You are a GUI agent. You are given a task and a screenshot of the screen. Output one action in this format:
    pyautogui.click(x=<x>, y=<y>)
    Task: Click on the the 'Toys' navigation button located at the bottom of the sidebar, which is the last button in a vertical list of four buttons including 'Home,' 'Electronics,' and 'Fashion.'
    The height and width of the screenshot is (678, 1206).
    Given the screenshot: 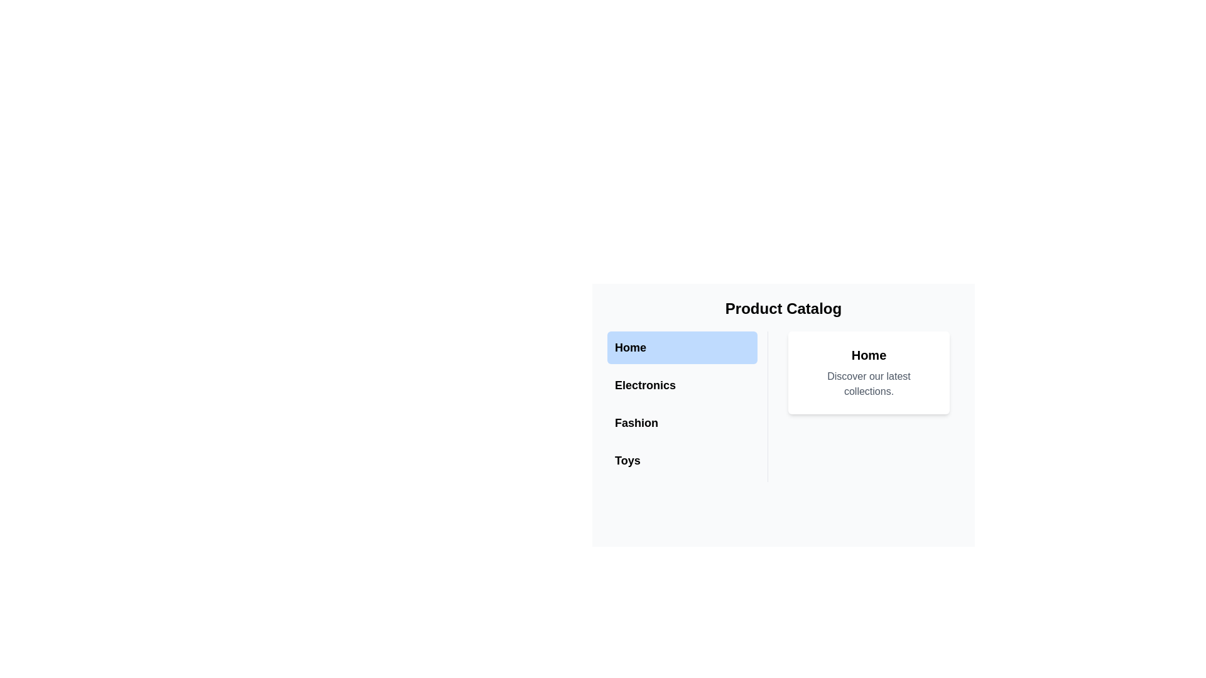 What is the action you would take?
    pyautogui.click(x=682, y=460)
    